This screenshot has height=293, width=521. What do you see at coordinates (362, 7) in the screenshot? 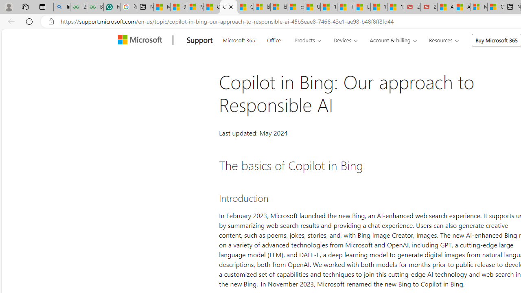
I see `'Lifestyle - MSN'` at bounding box center [362, 7].